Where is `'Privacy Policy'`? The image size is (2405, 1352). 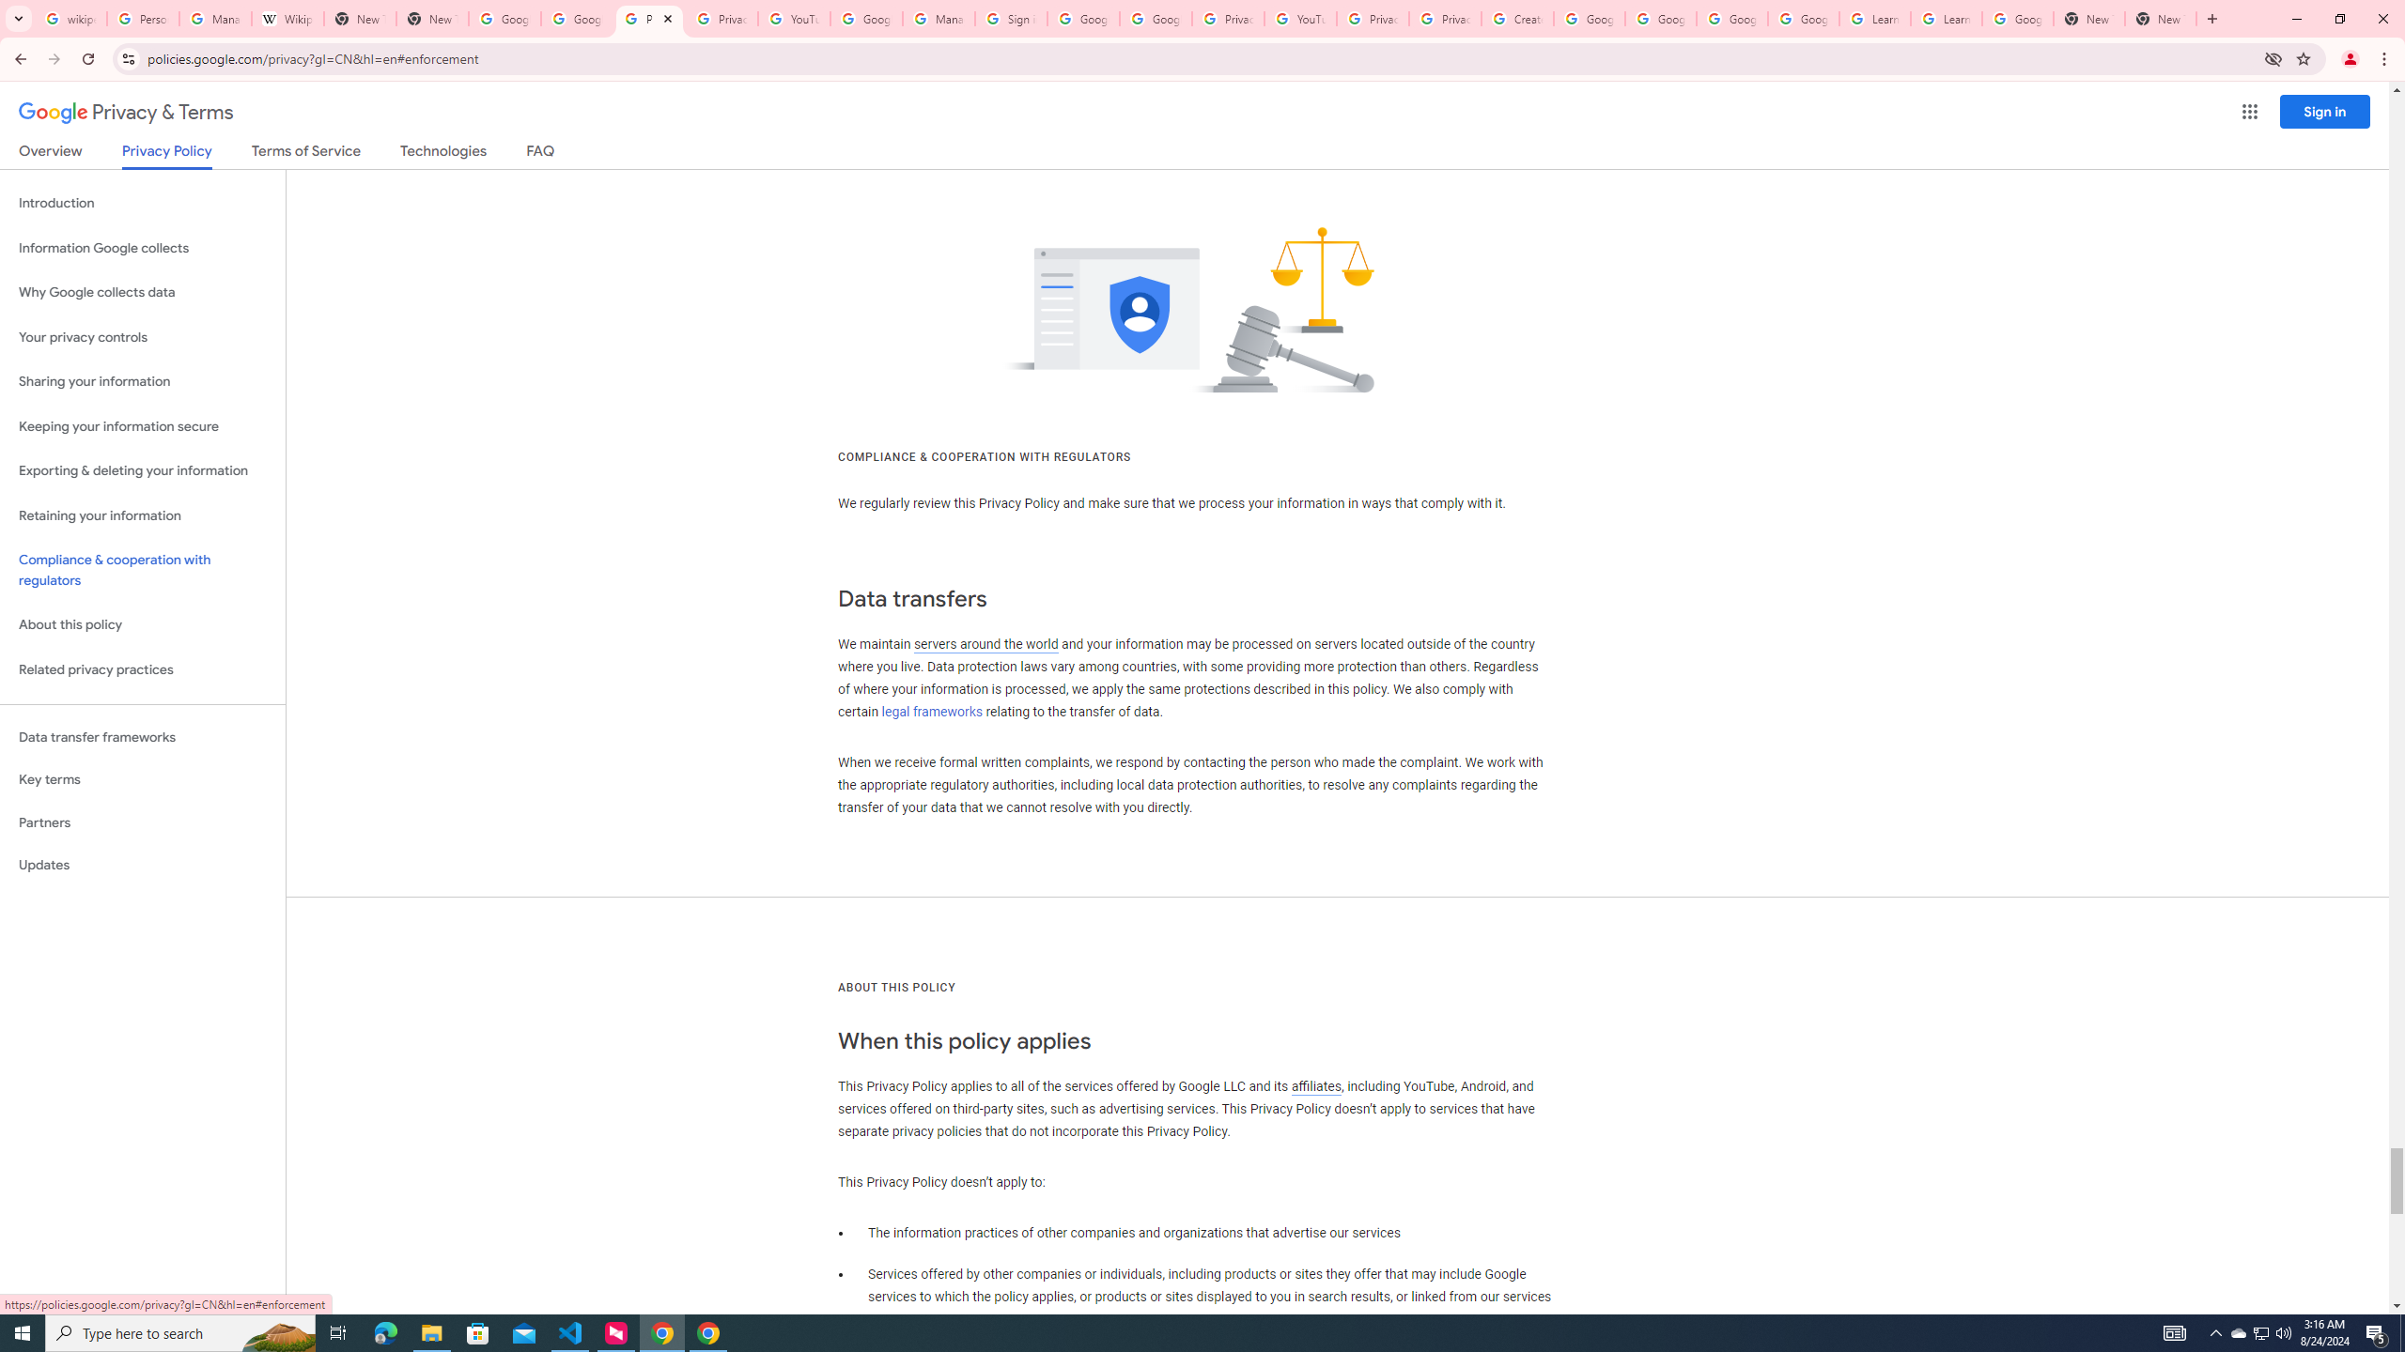
'Privacy Policy' is located at coordinates (164, 155).